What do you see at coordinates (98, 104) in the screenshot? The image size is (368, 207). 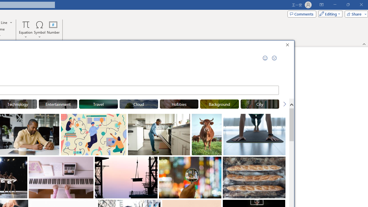 I see `'"Travel" Stock Images.'` at bounding box center [98, 104].